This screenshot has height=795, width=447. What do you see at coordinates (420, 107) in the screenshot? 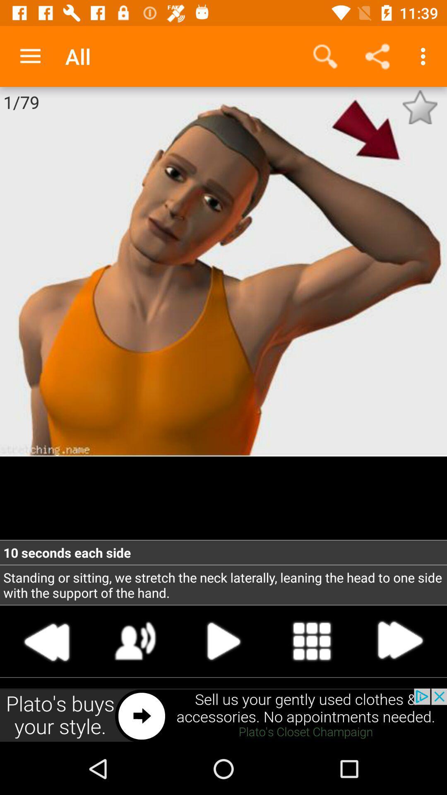
I see `favorite option` at bounding box center [420, 107].